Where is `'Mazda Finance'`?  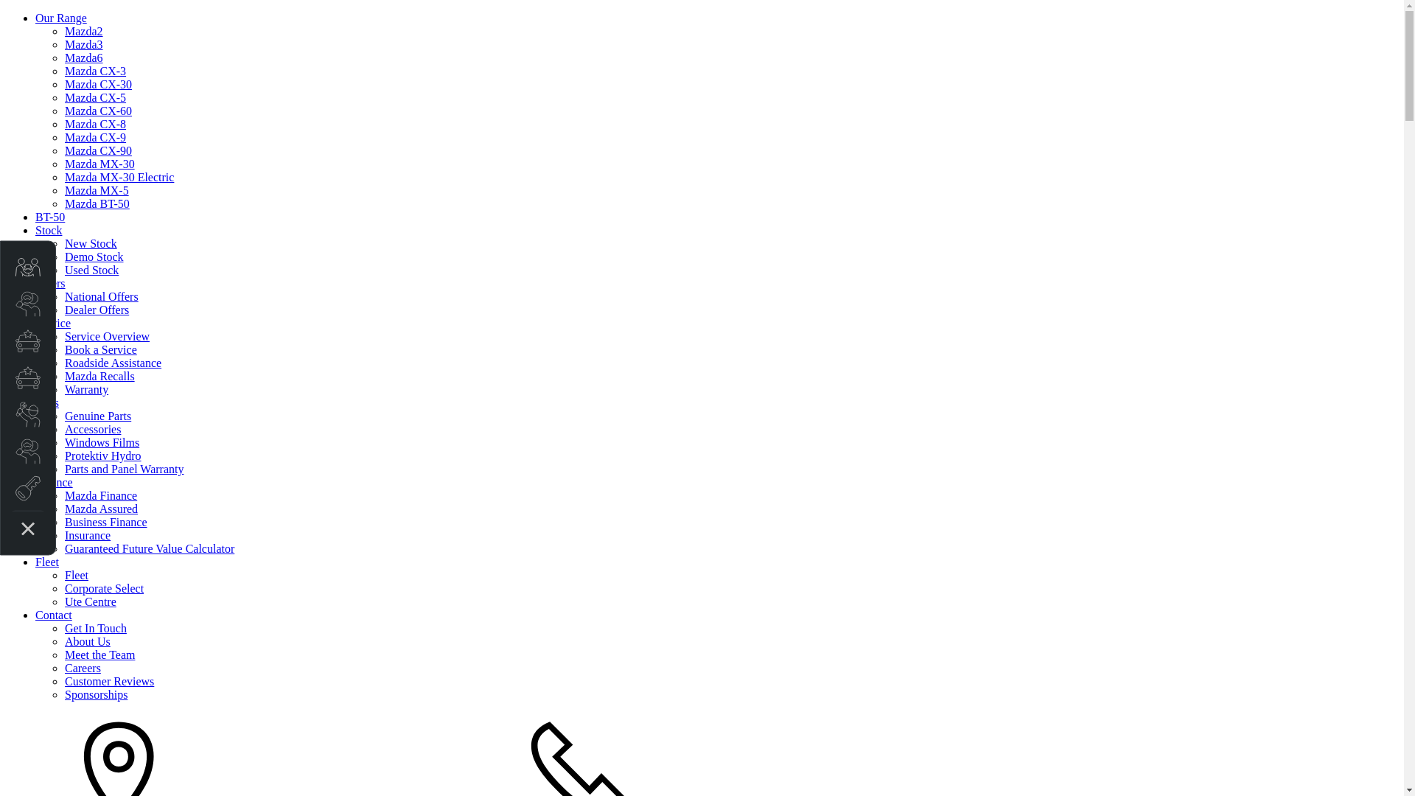
'Mazda Finance' is located at coordinates (100, 495).